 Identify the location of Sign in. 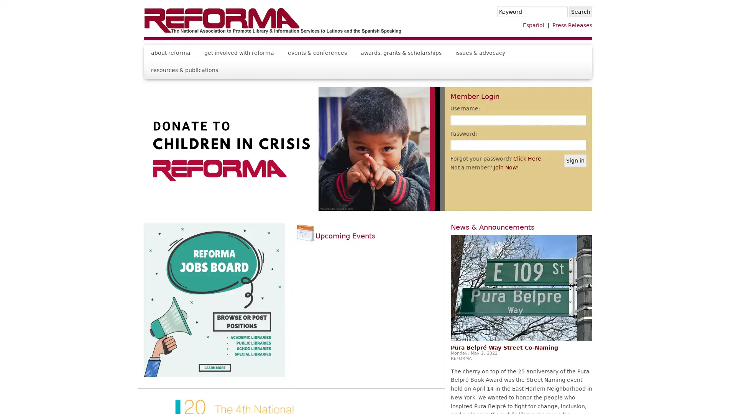
(575, 160).